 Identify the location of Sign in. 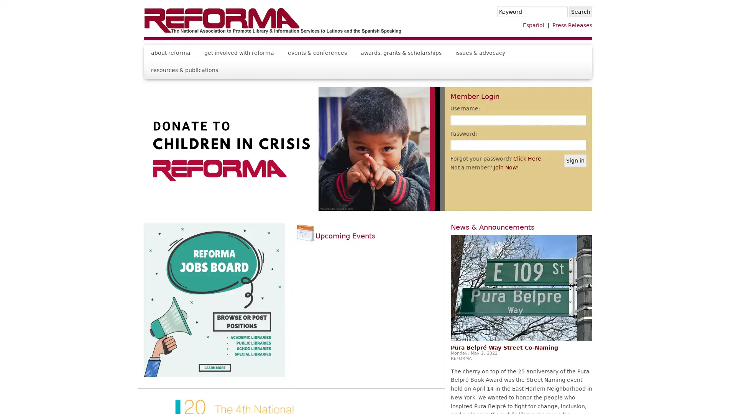
(575, 160).